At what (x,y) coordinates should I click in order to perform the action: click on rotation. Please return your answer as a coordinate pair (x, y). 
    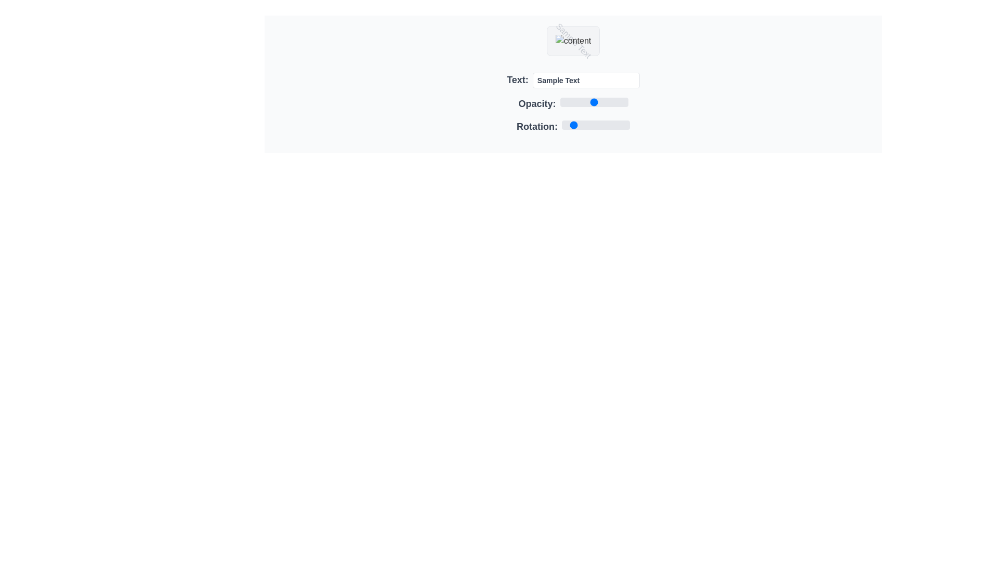
    Looking at the image, I should click on (609, 124).